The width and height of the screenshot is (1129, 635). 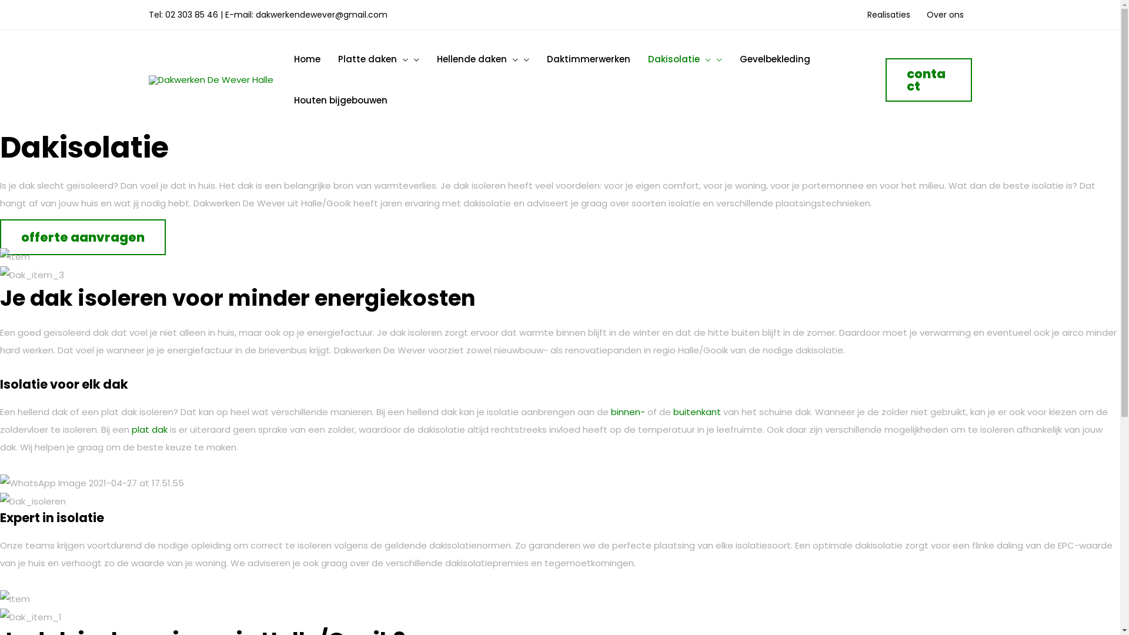 What do you see at coordinates (730, 59) in the screenshot?
I see `'Gevelbekleding'` at bounding box center [730, 59].